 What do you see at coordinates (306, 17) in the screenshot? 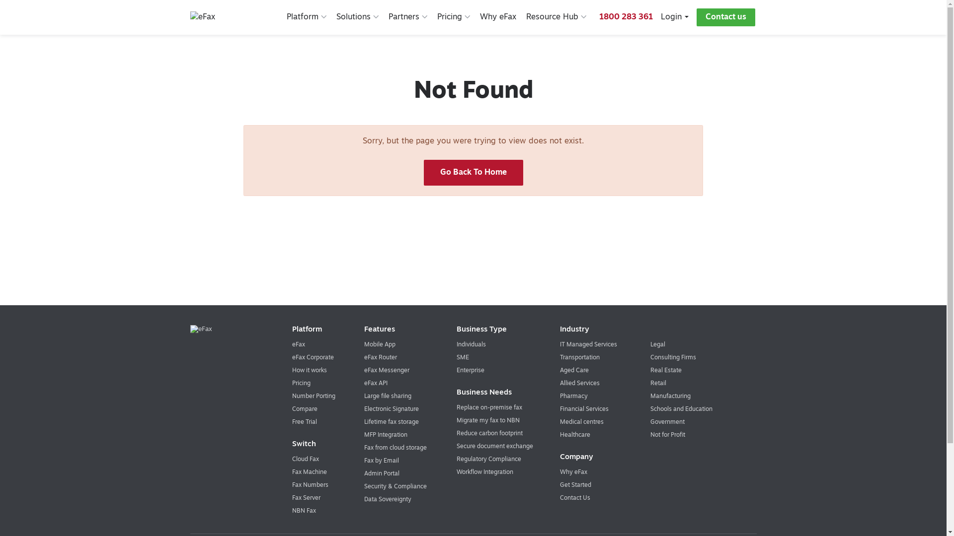
I see `'Platform'` at bounding box center [306, 17].